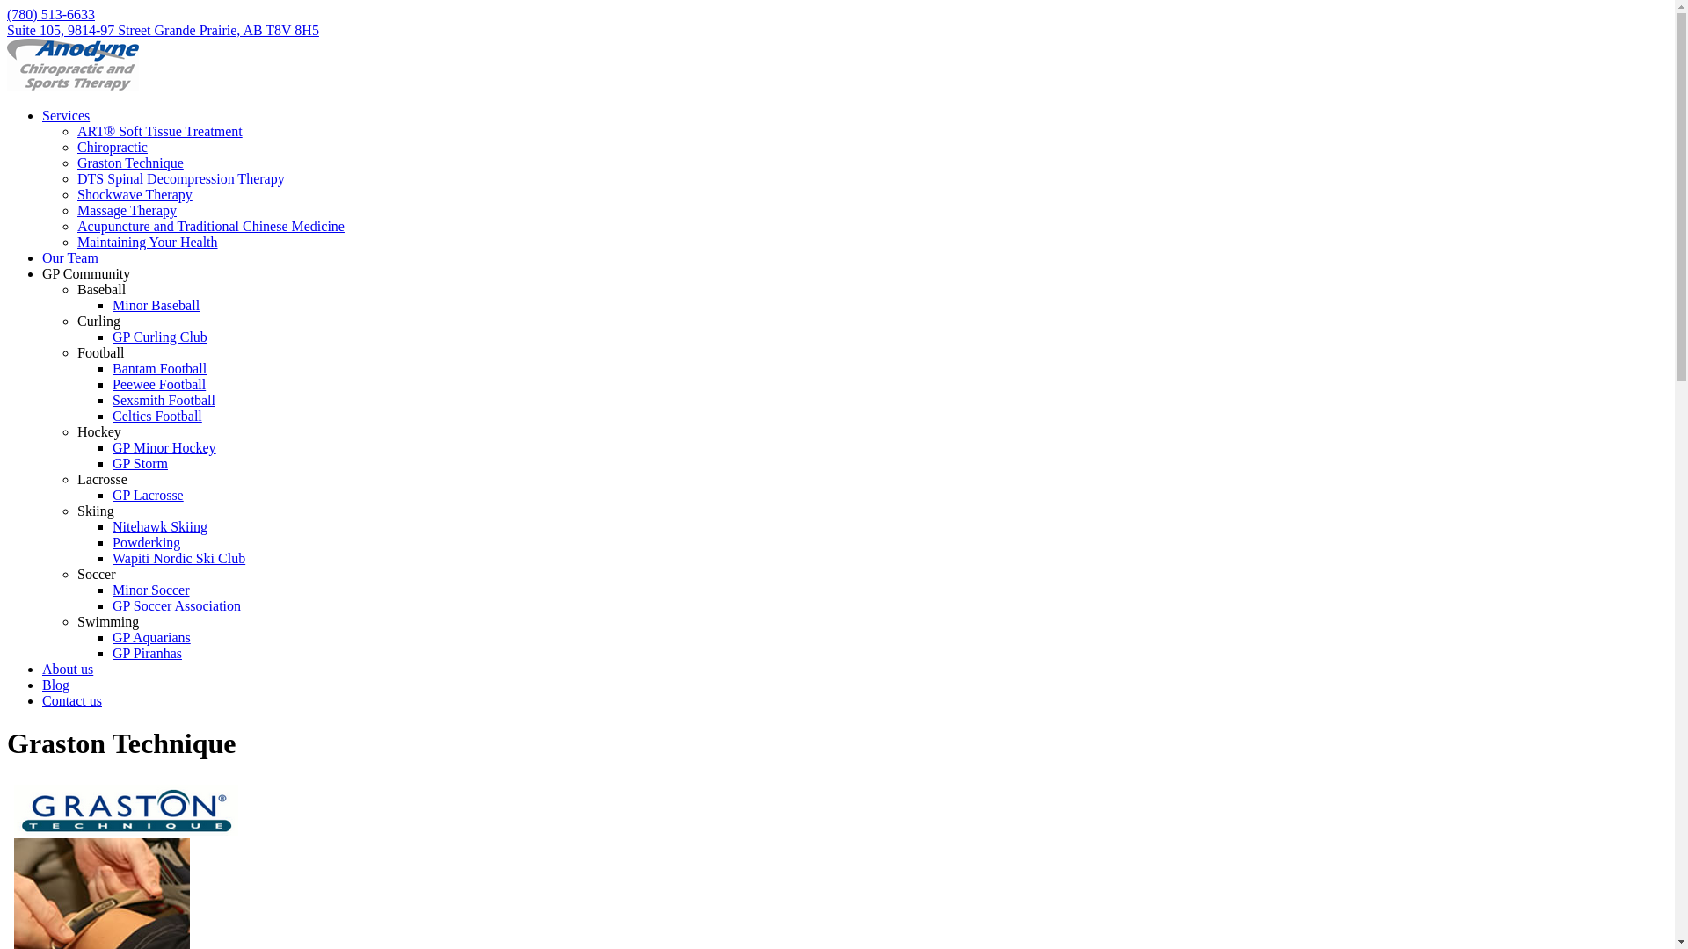 The width and height of the screenshot is (1688, 949). Describe the element at coordinates (160, 525) in the screenshot. I see `'Nitehawk Skiing'` at that location.